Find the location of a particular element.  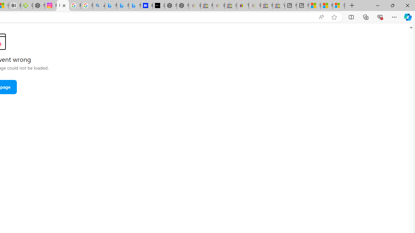

'Shanghai, China hourly forecast | Microsoft Weather' is located at coordinates (315, 6).